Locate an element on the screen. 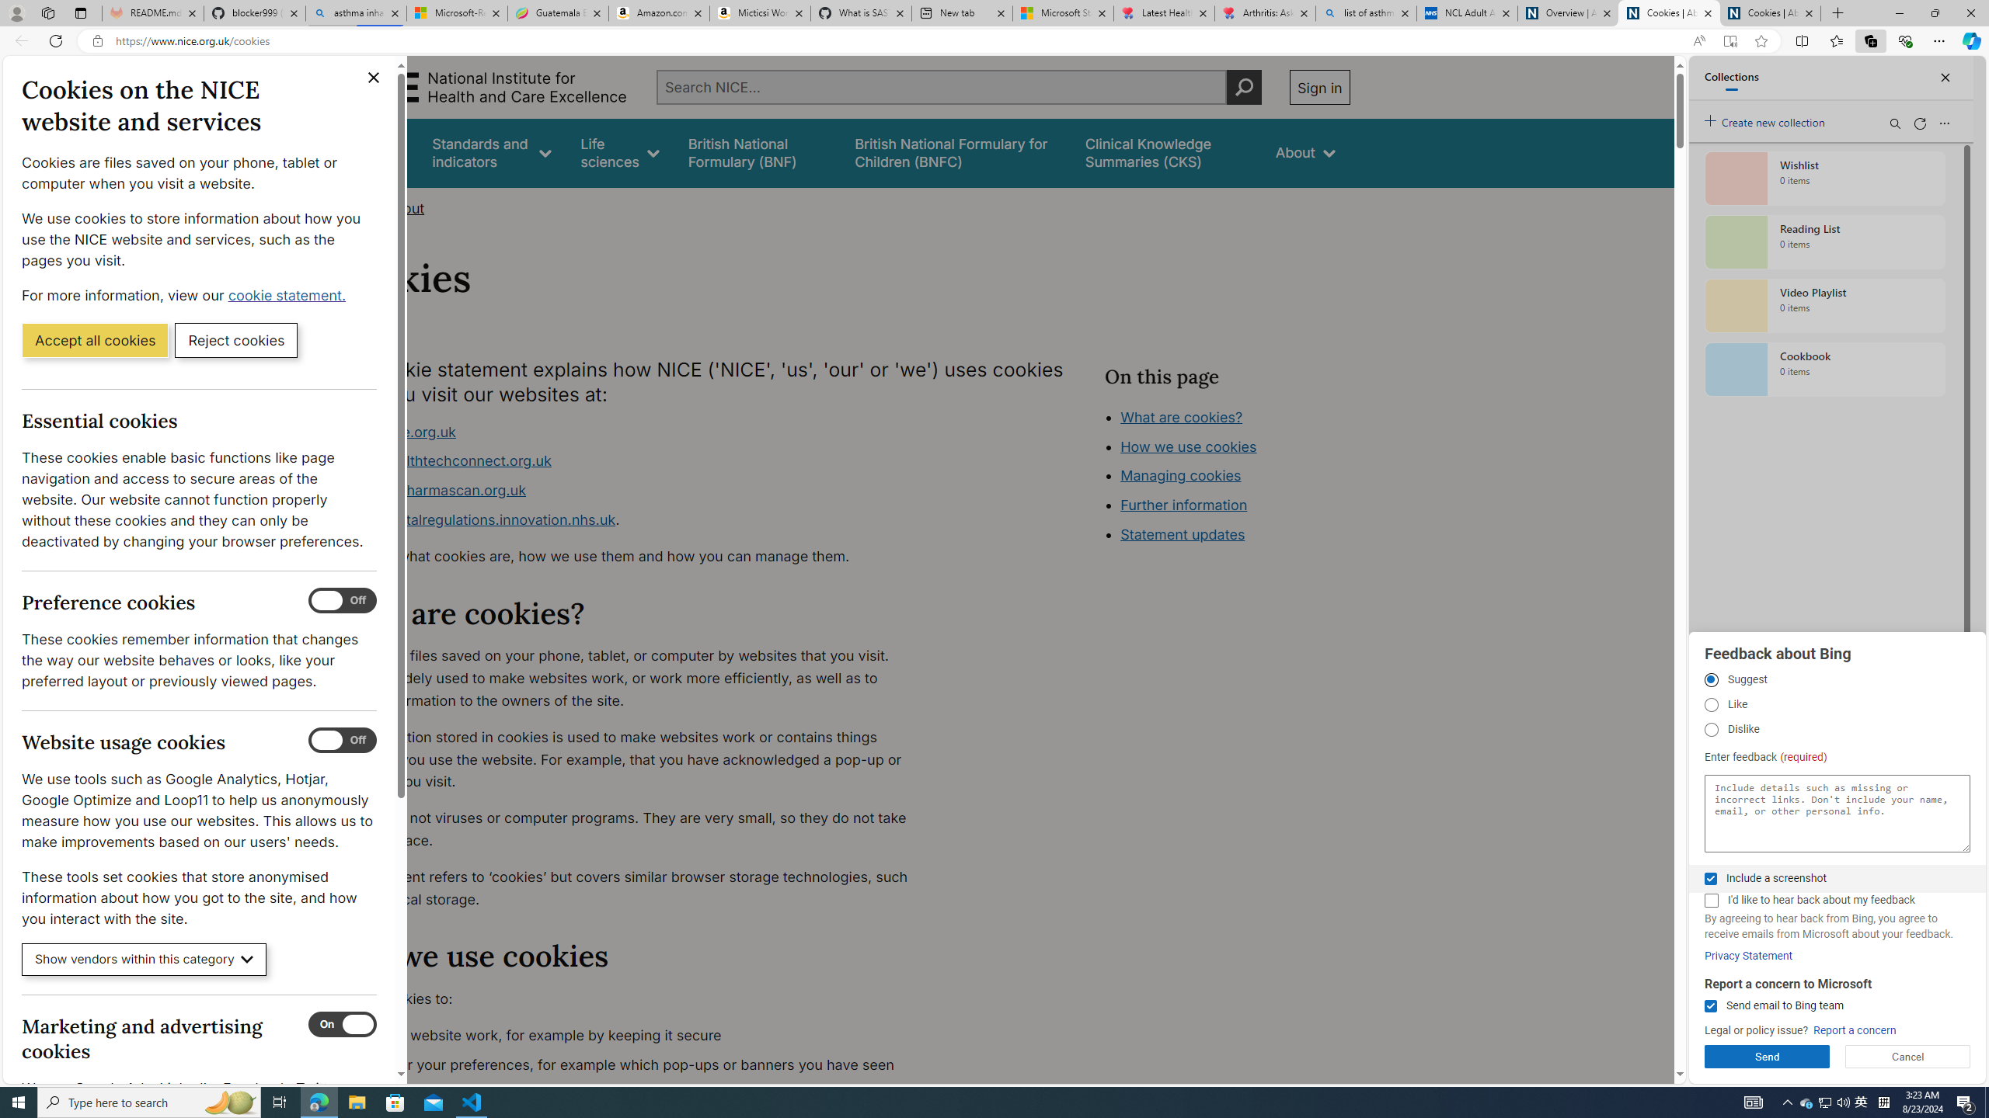  'I' is located at coordinates (1710, 899).